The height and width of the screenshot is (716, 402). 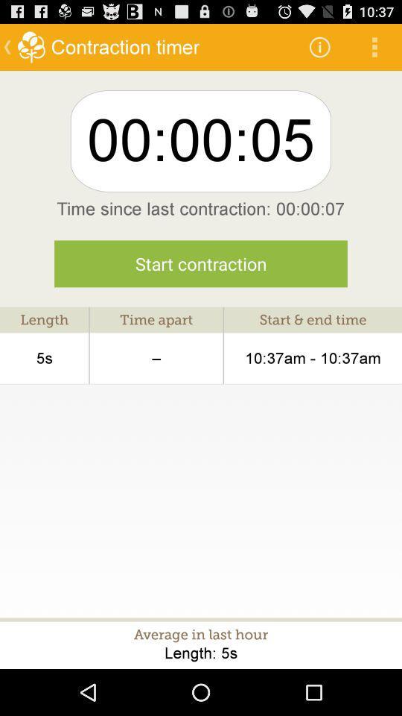 I want to click on 10 37am 10 item, so click(x=312, y=358).